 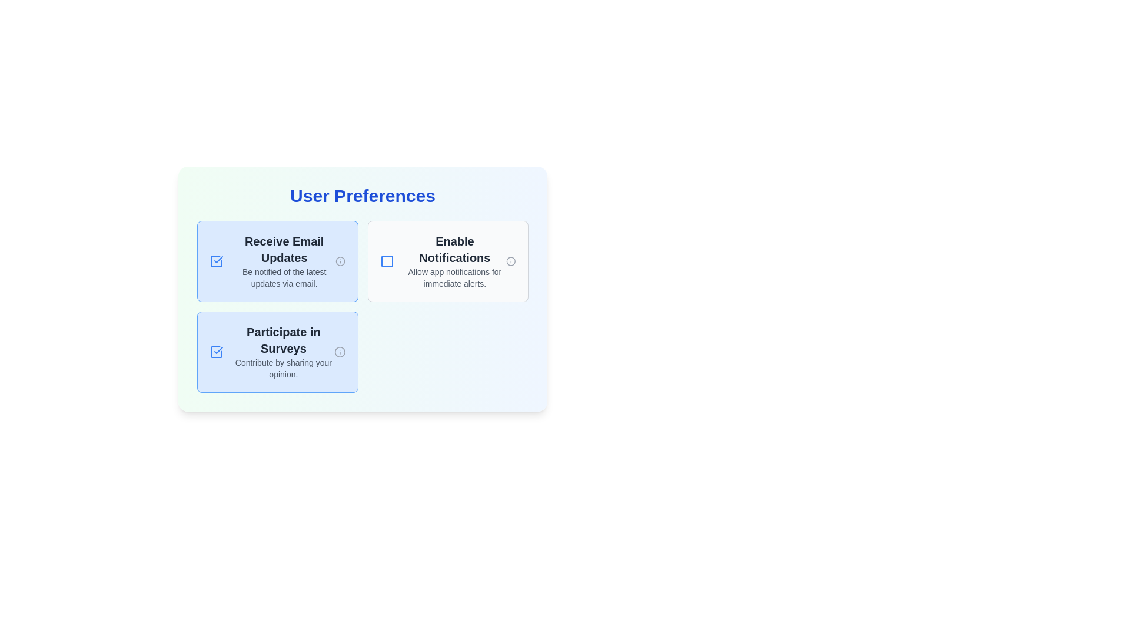 I want to click on the text display component titled 'Receive Email Updates', which features a bold headline and a description in a light blue background, located in the top-left corner of the user preferences grid, so click(x=284, y=260).